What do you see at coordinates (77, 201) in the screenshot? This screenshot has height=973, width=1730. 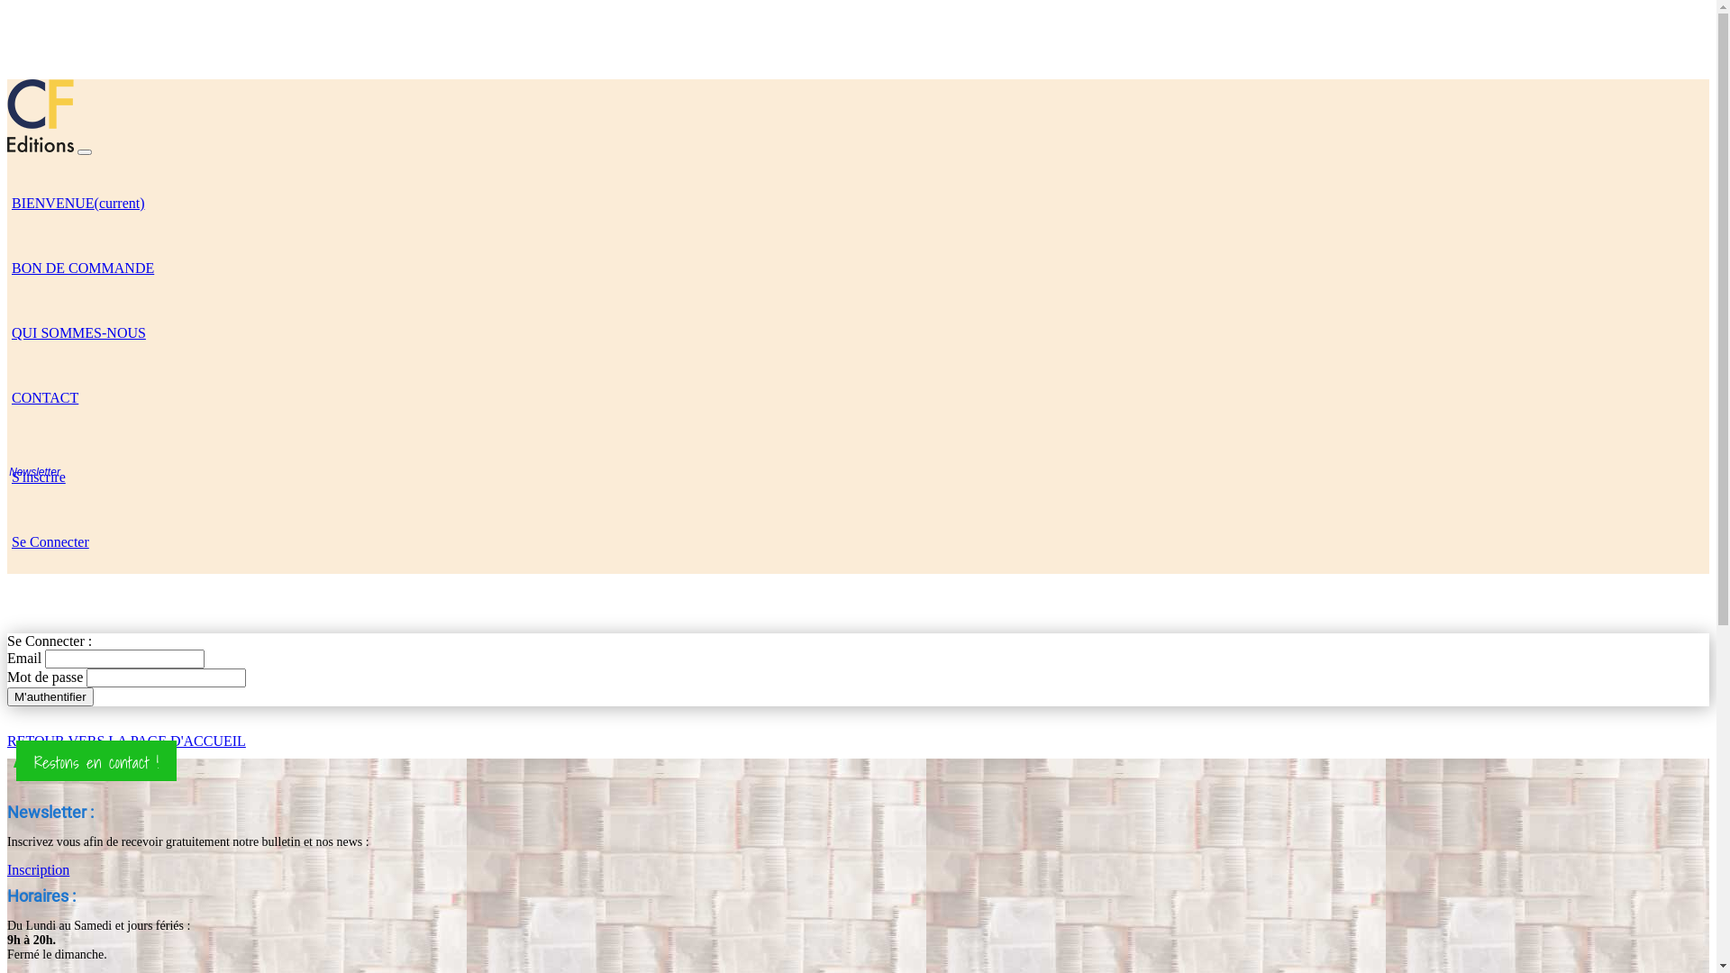 I see `'BIENVENUE(current)'` at bounding box center [77, 201].